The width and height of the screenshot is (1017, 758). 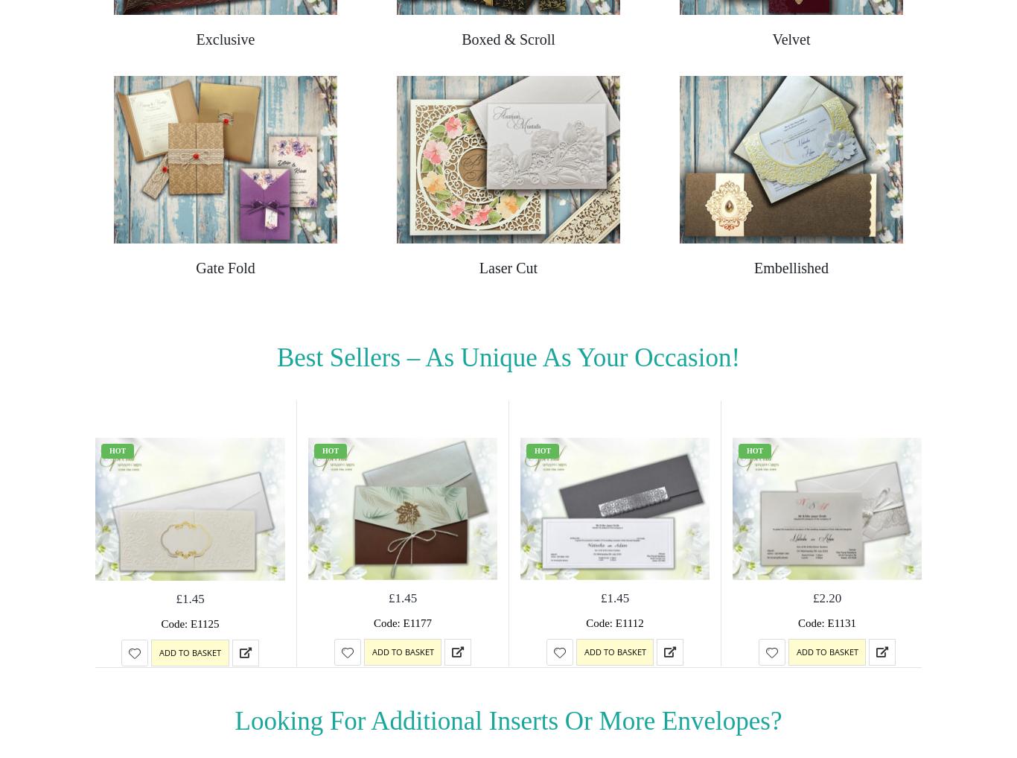 I want to click on 'Looking for additional inserts or more envelopes?', so click(x=507, y=719).